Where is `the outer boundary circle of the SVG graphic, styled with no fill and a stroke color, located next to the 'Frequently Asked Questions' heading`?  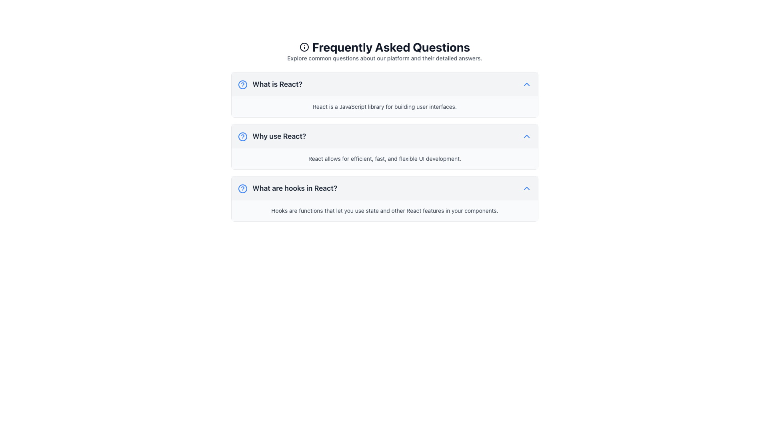 the outer boundary circle of the SVG graphic, styled with no fill and a stroke color, located next to the 'Frequently Asked Questions' heading is located at coordinates (304, 47).